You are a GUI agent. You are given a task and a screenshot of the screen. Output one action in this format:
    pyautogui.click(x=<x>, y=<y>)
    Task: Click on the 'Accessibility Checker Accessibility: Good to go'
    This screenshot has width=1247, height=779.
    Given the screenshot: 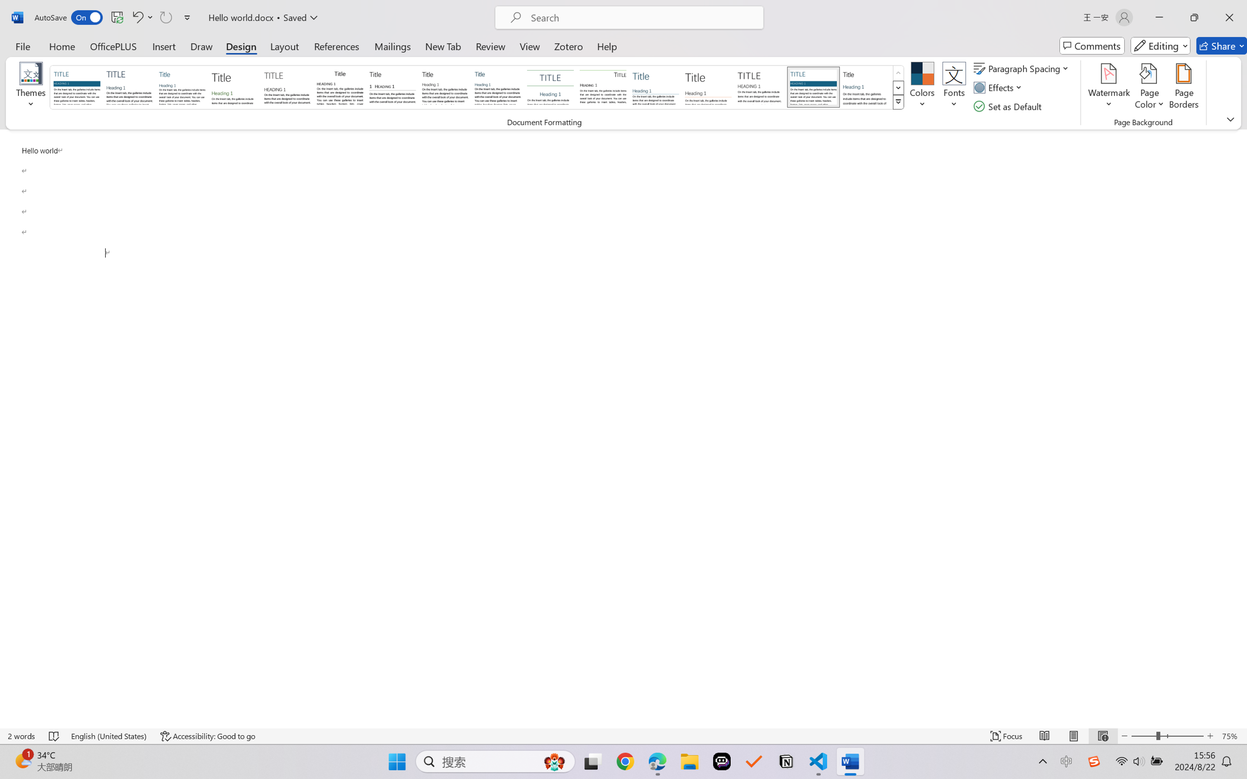 What is the action you would take?
    pyautogui.click(x=207, y=736)
    